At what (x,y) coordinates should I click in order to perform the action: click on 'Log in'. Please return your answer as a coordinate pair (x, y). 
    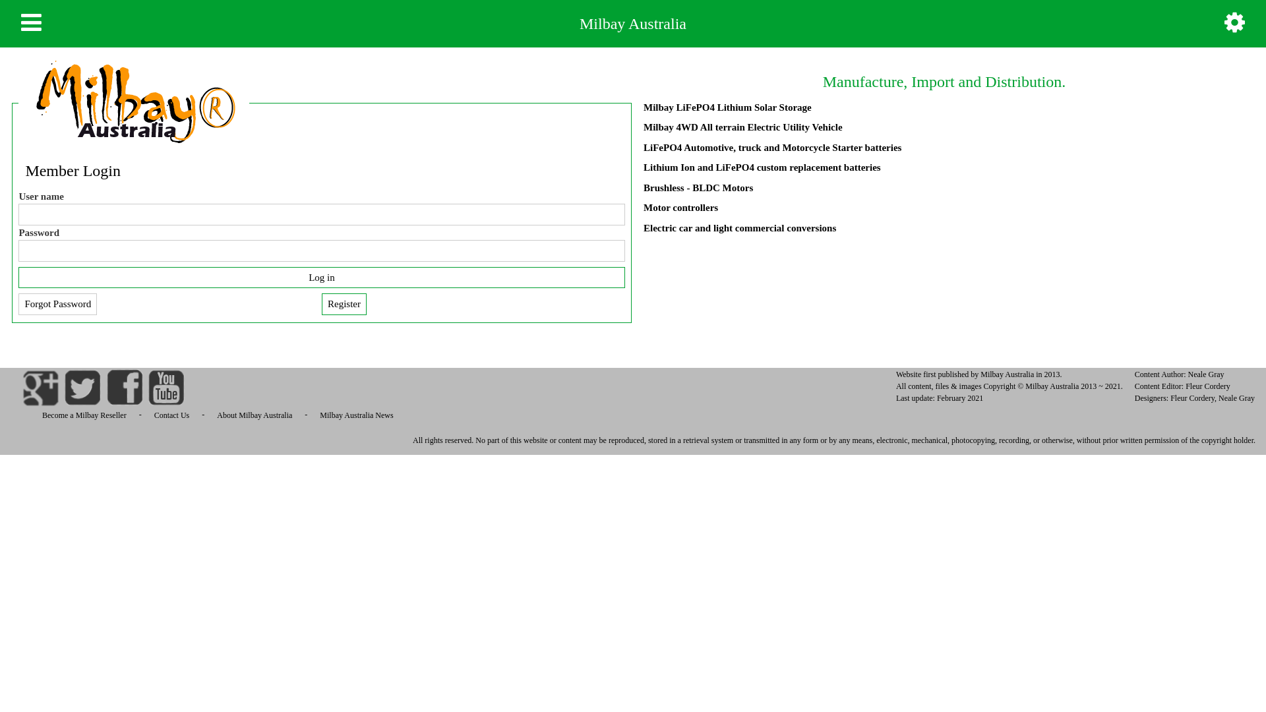
    Looking at the image, I should click on (321, 277).